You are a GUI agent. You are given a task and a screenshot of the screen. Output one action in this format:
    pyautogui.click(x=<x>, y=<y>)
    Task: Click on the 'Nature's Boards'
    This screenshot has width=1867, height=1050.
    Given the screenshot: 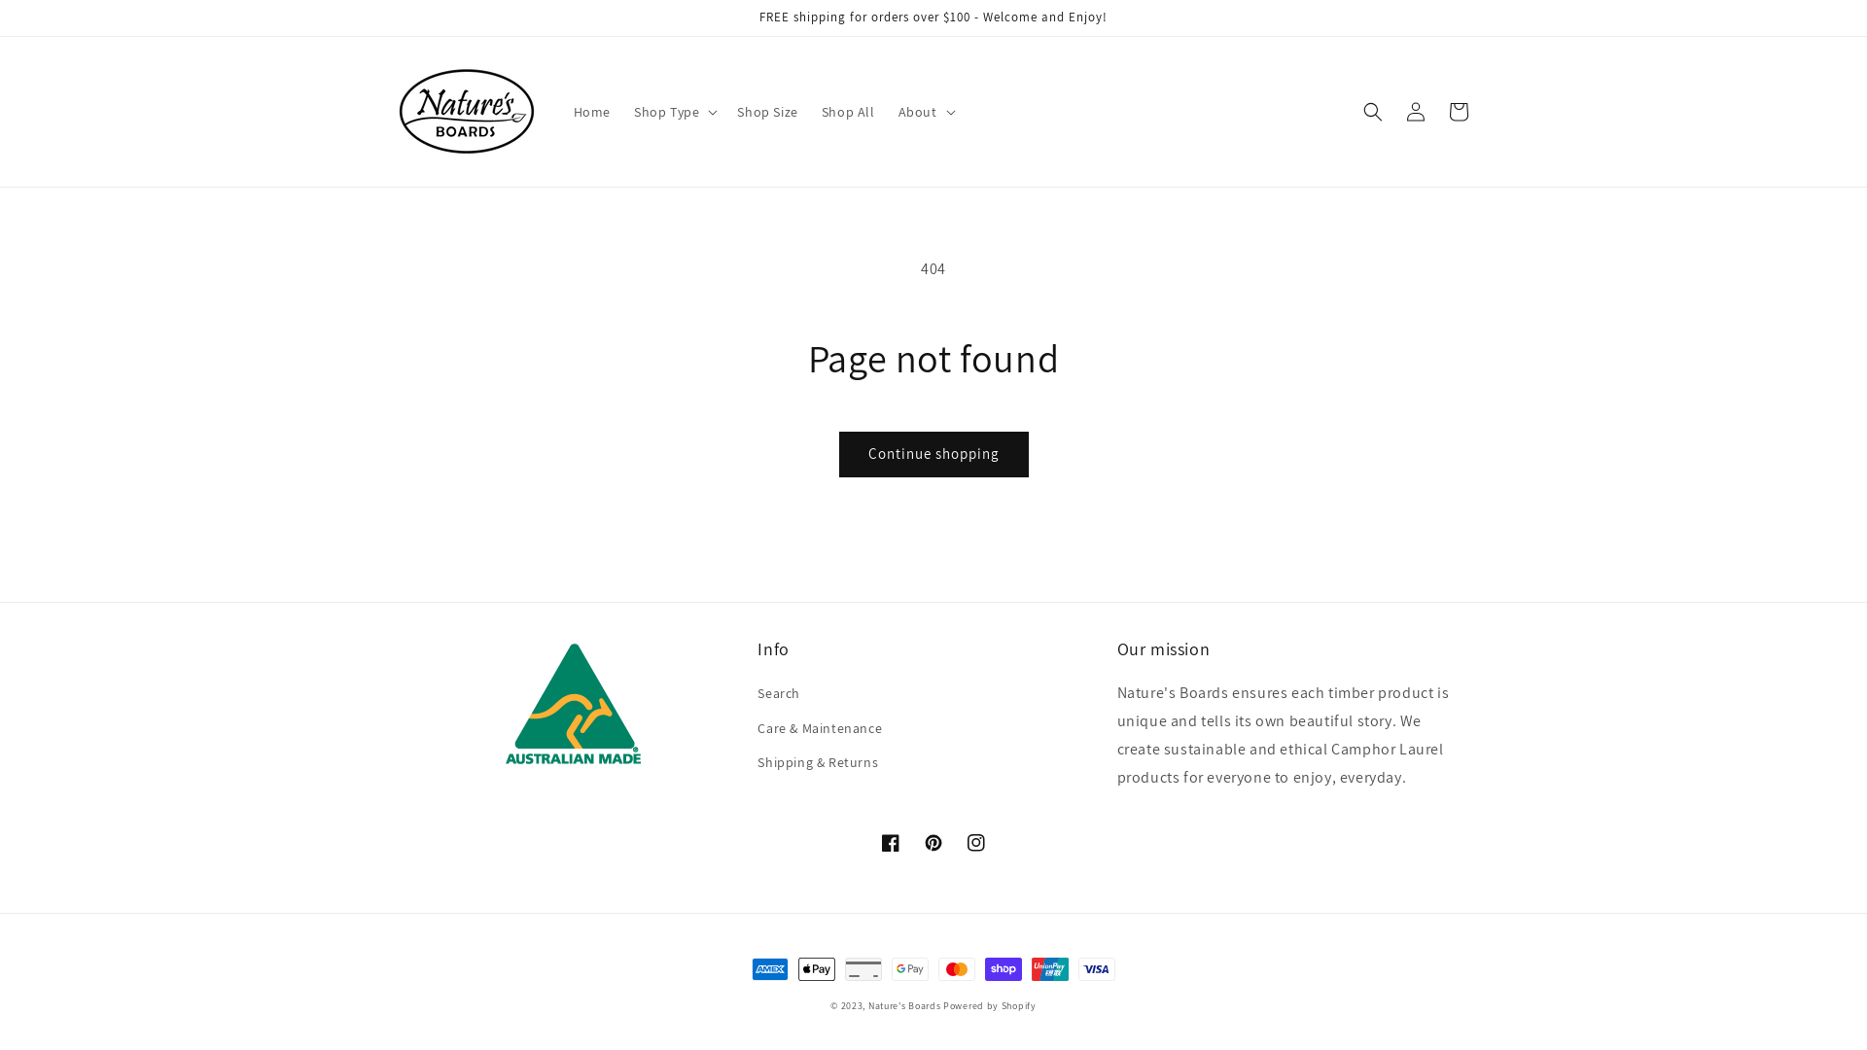 What is the action you would take?
    pyautogui.click(x=903, y=1005)
    